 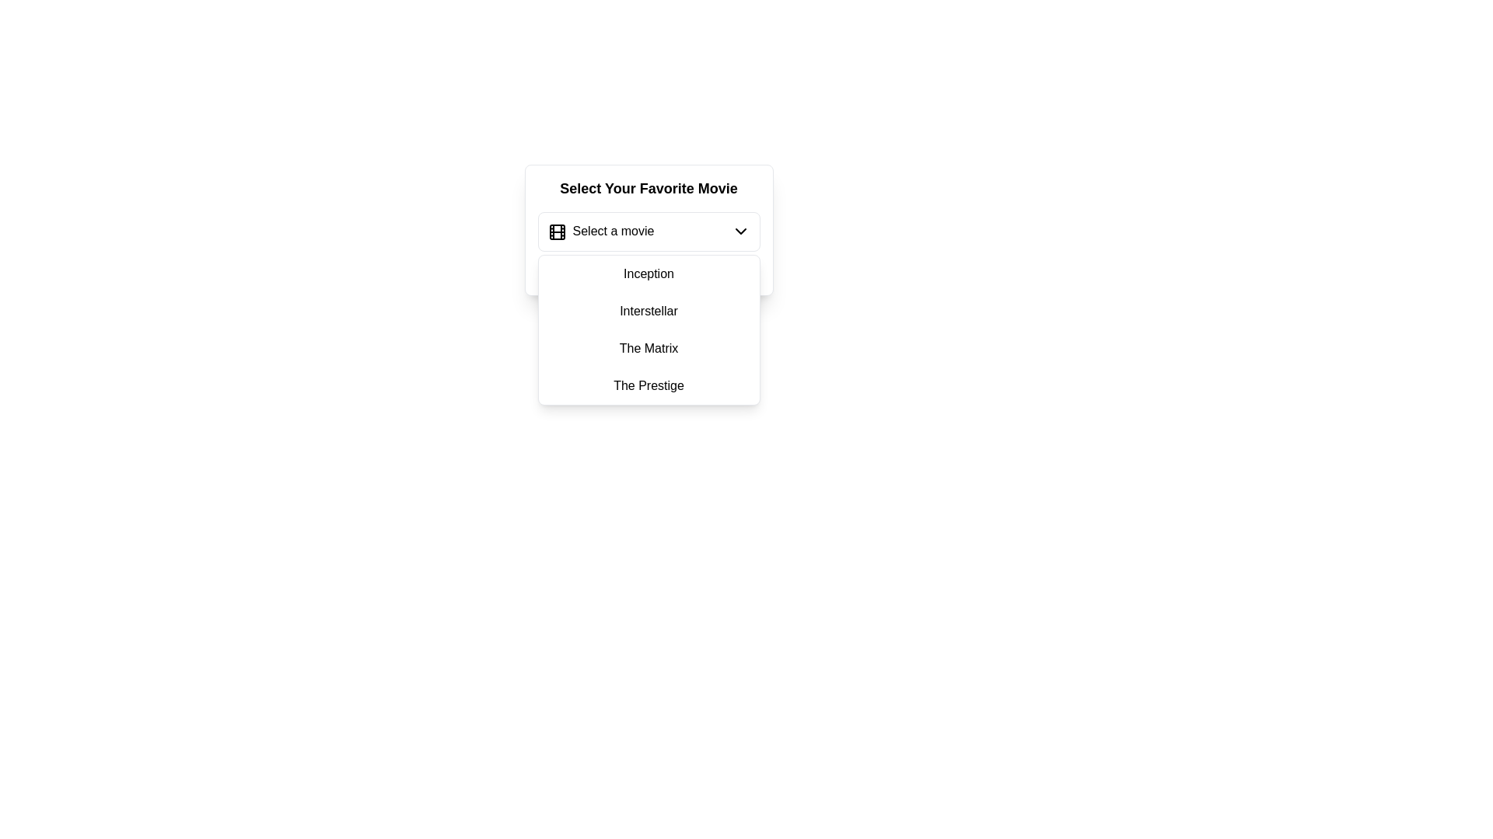 What do you see at coordinates (649, 347) in the screenshot?
I see `the third item in the dropdown menu labeled 'The Matrix' to change its background style` at bounding box center [649, 347].